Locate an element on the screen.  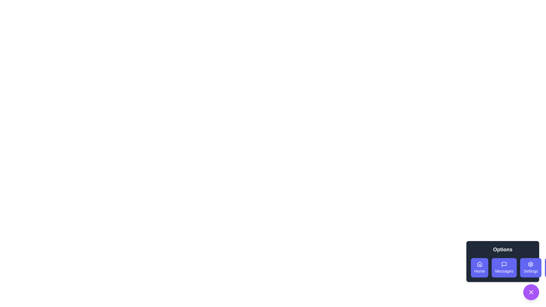
the 'Messages' text label, which is styled with a light font and positioned below a chat bubble icon, within a rectangular button with a blue background is located at coordinates (504, 271).